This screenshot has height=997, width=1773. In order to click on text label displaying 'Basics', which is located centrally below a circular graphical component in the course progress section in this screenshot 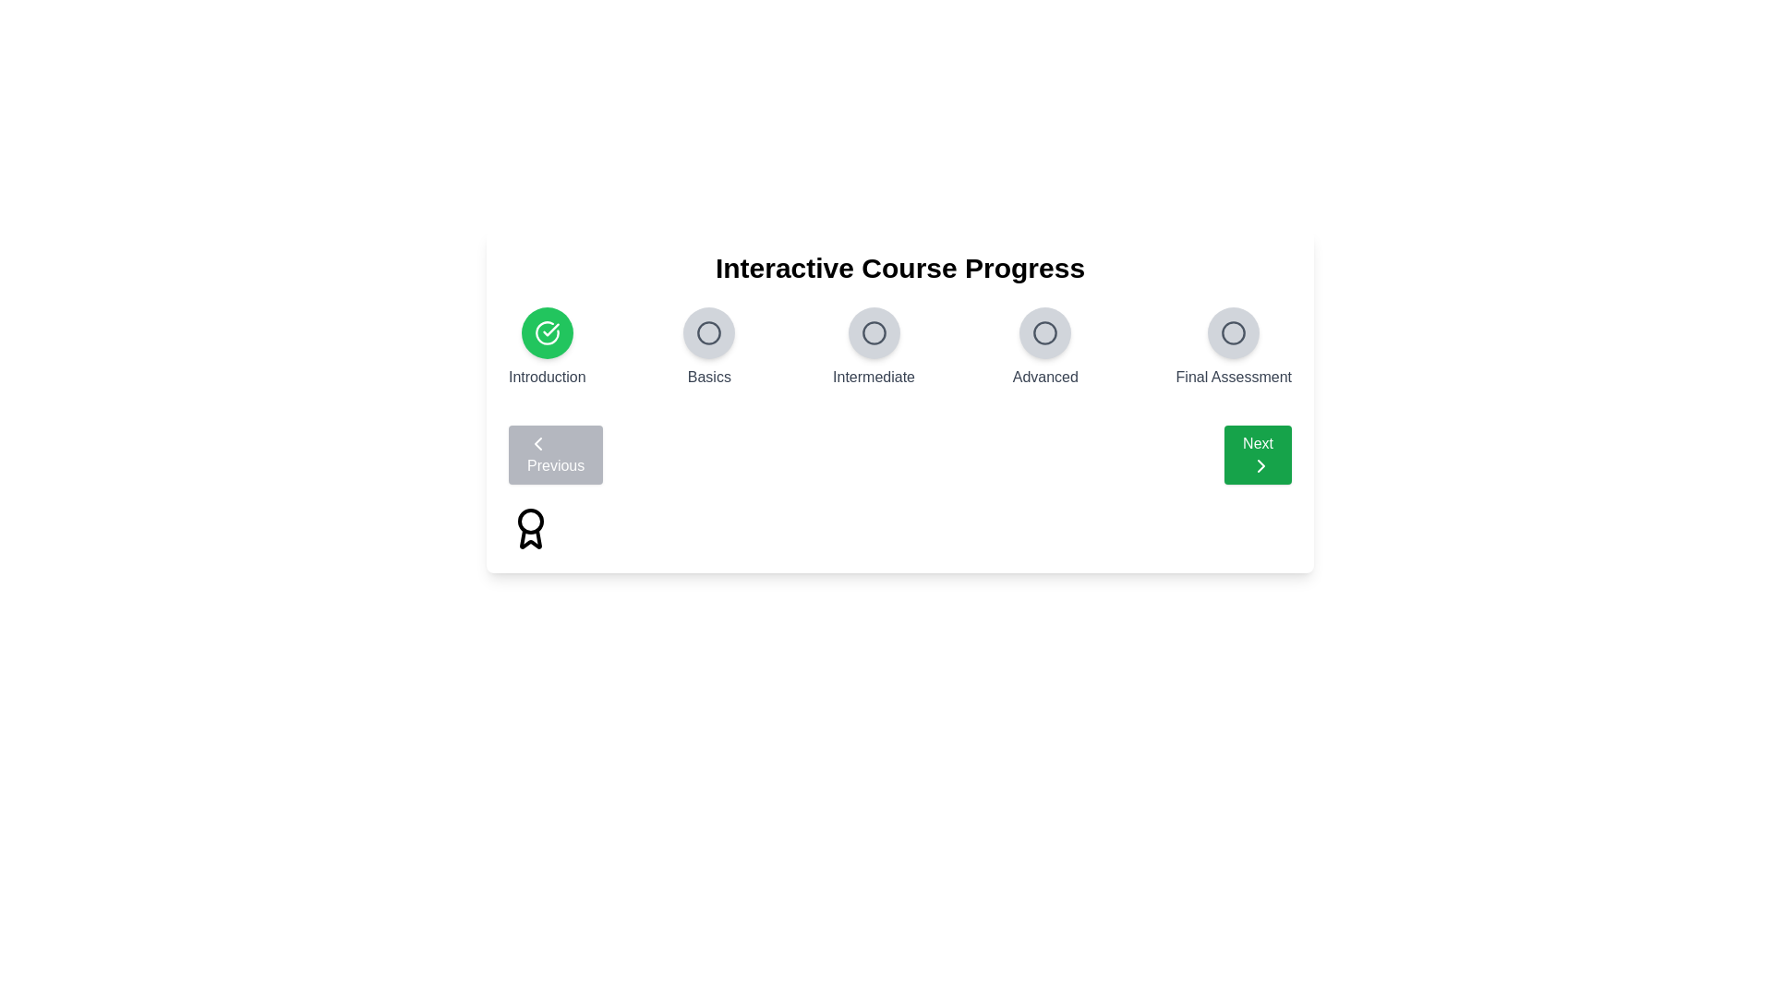, I will do `click(708, 376)`.